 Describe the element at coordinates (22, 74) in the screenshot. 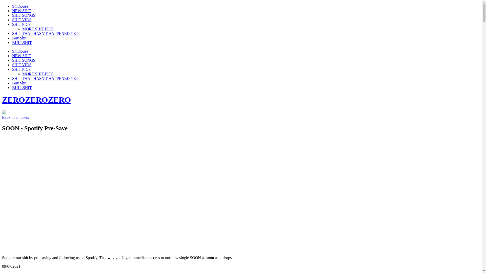

I see `'MORE SHIT PICS'` at that location.